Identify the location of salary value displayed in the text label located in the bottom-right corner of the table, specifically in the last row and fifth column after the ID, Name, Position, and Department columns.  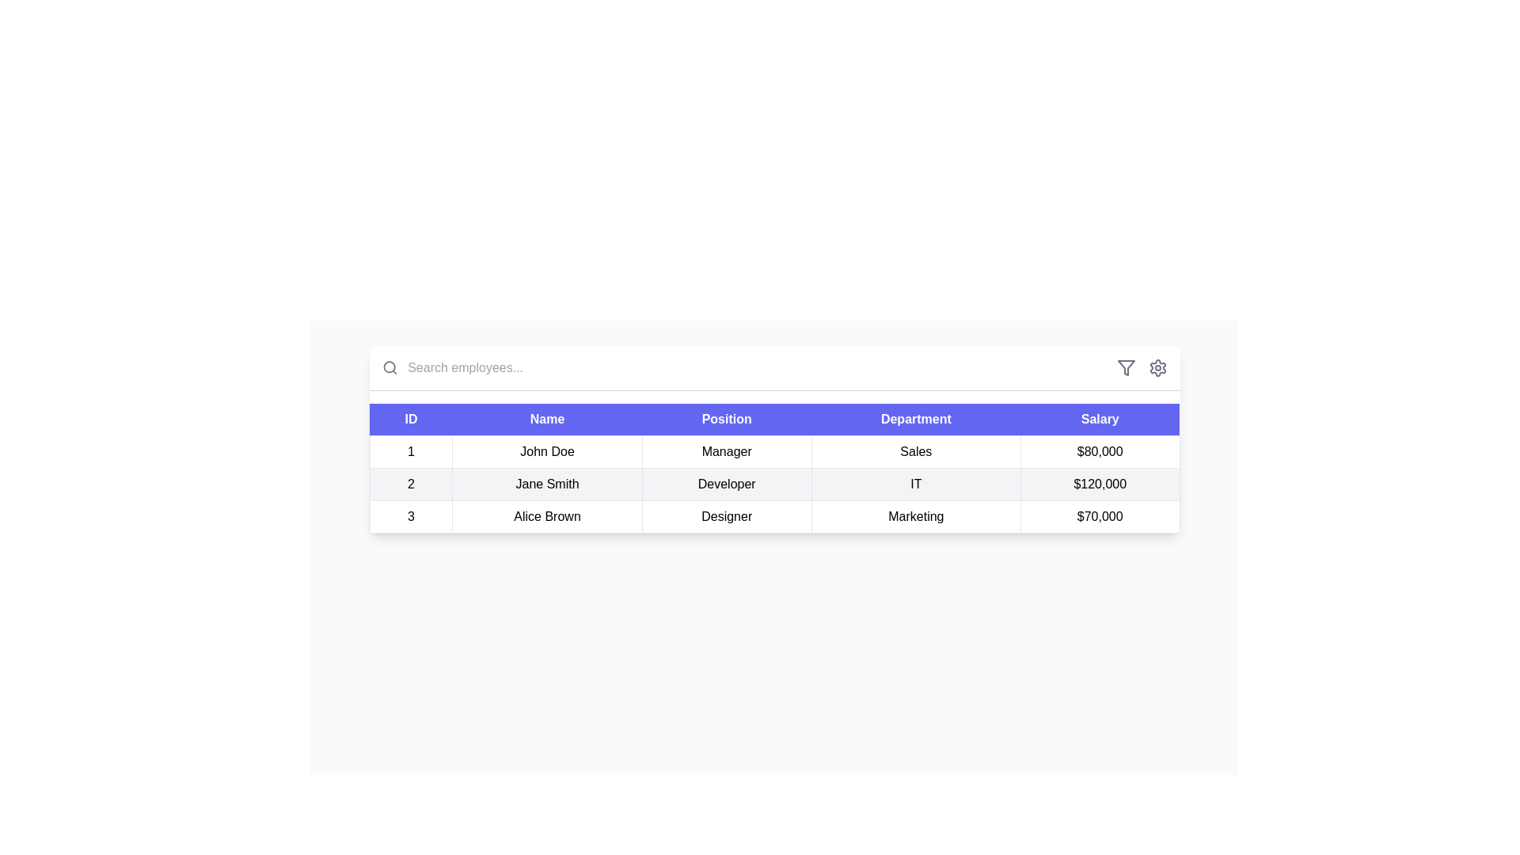
(1099, 516).